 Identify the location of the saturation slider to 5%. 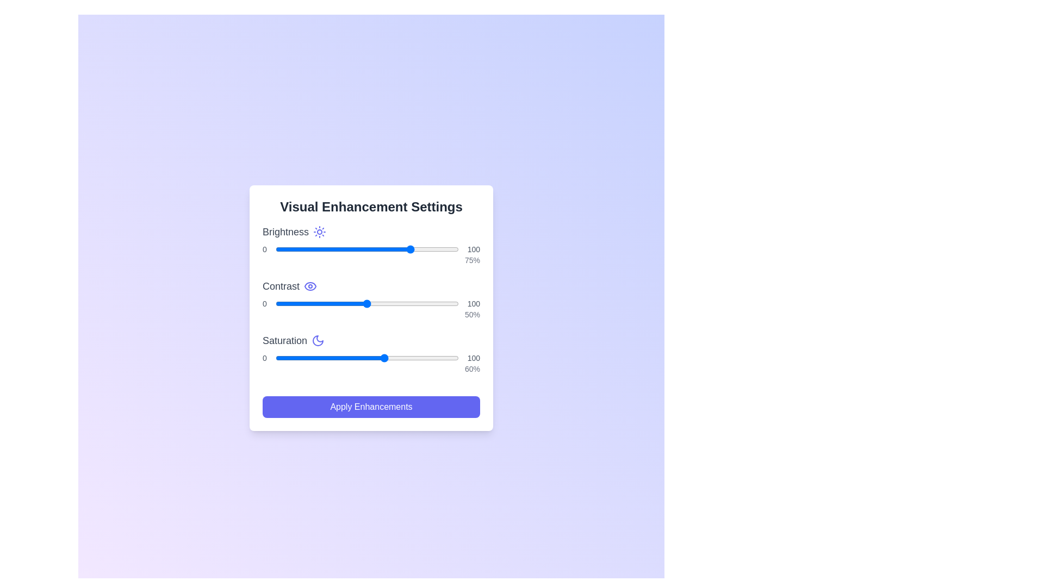
(284, 358).